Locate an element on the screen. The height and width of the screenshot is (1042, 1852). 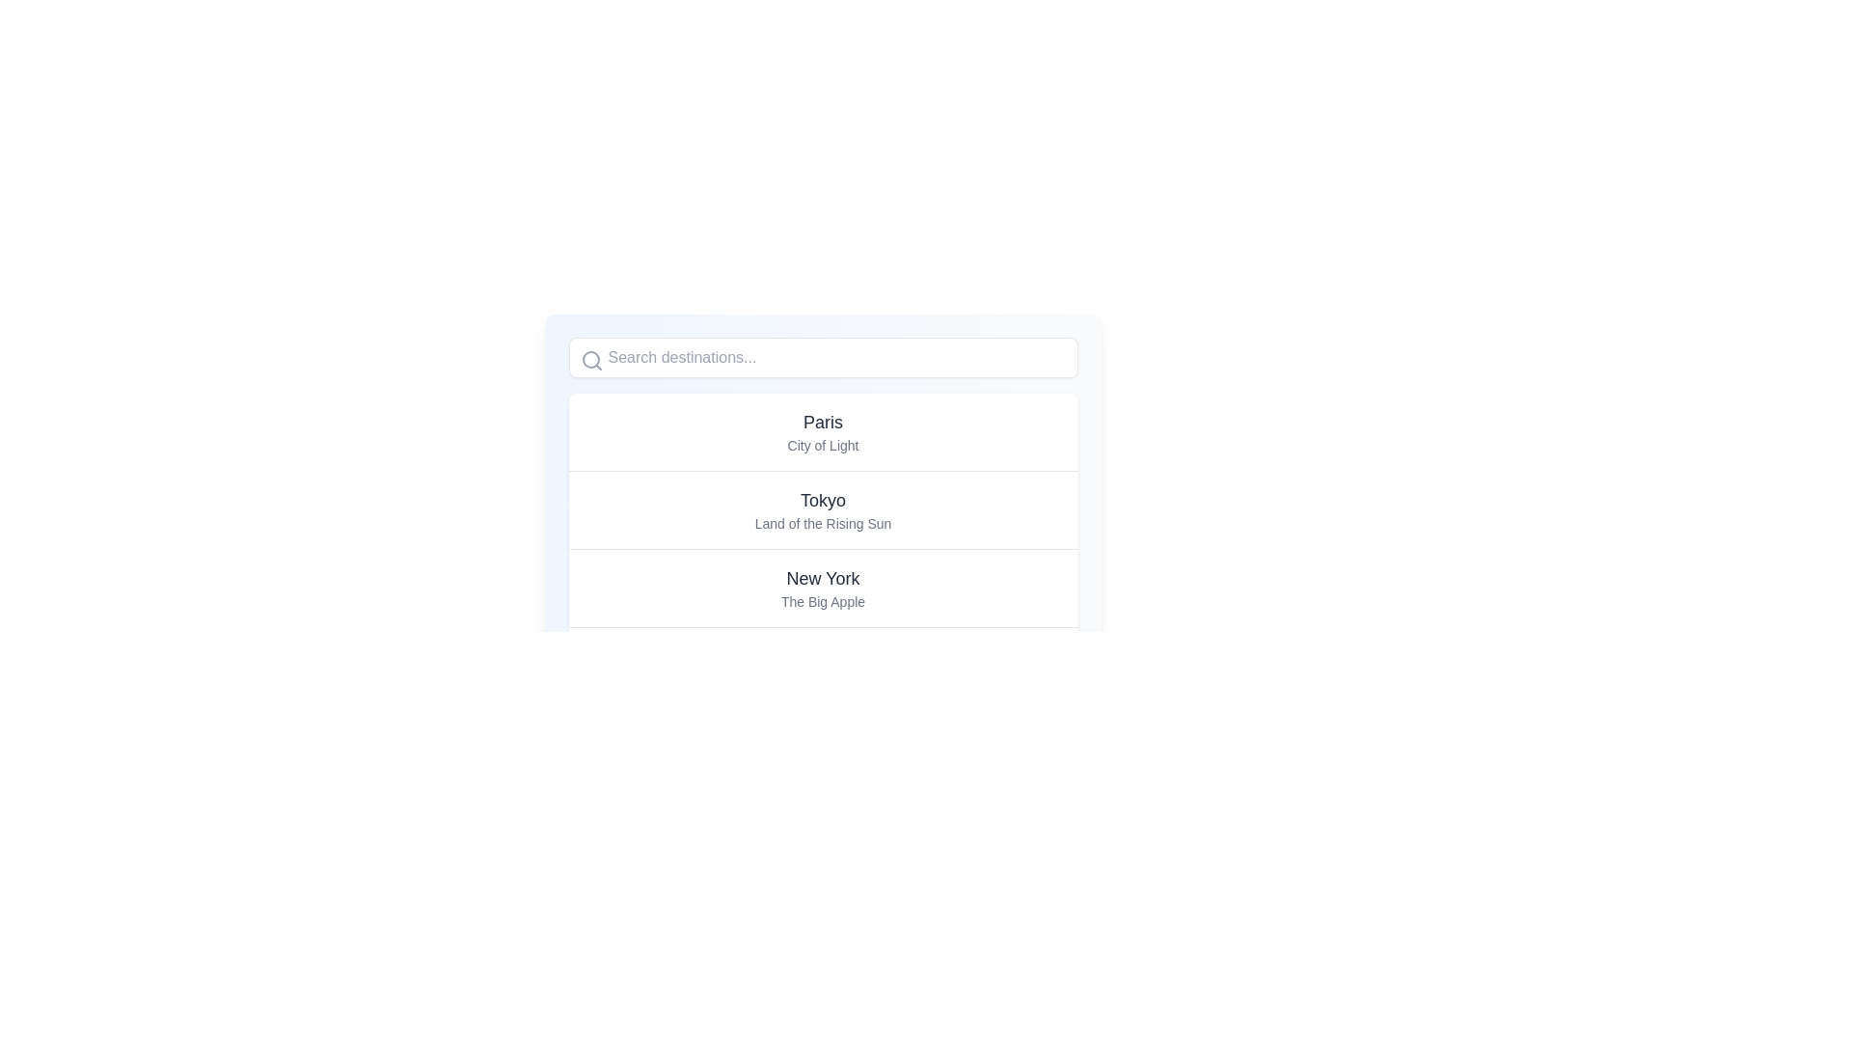
text label that identifies the location 'Tokyo', which is the primary label for a list item and visually focuses on this entry is located at coordinates (823, 500).